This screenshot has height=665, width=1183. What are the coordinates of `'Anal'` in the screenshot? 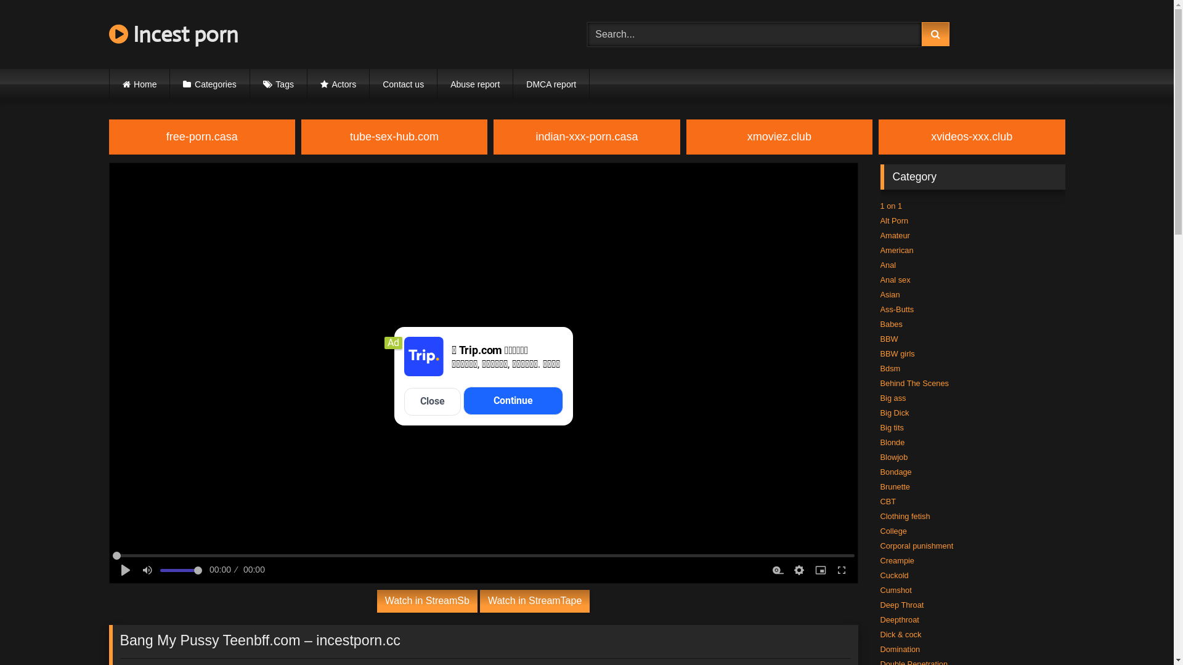 It's located at (887, 264).